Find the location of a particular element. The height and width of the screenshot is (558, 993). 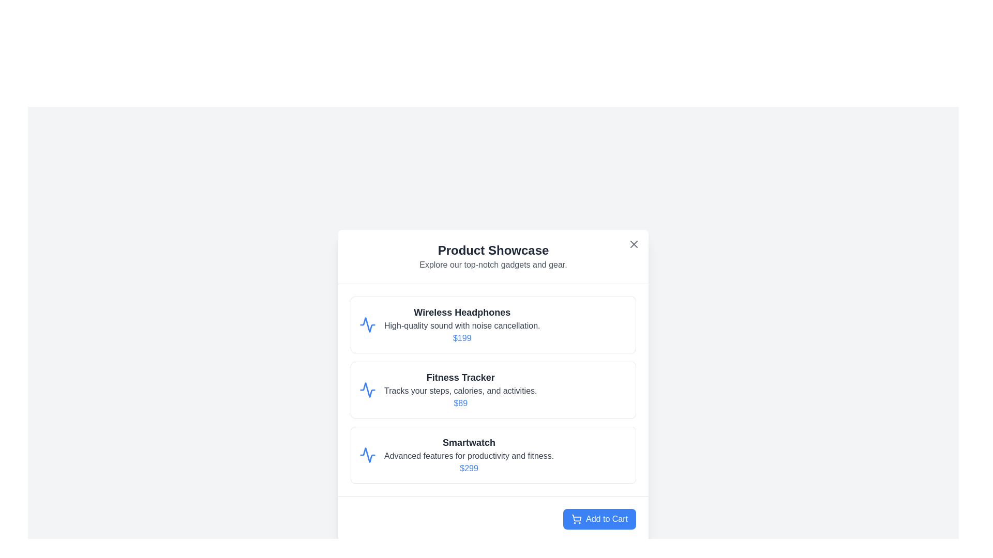

price displayed as '$299' in blue color with medium font weight located in the third product card under the 'Product Showcase' section is located at coordinates (469, 468).